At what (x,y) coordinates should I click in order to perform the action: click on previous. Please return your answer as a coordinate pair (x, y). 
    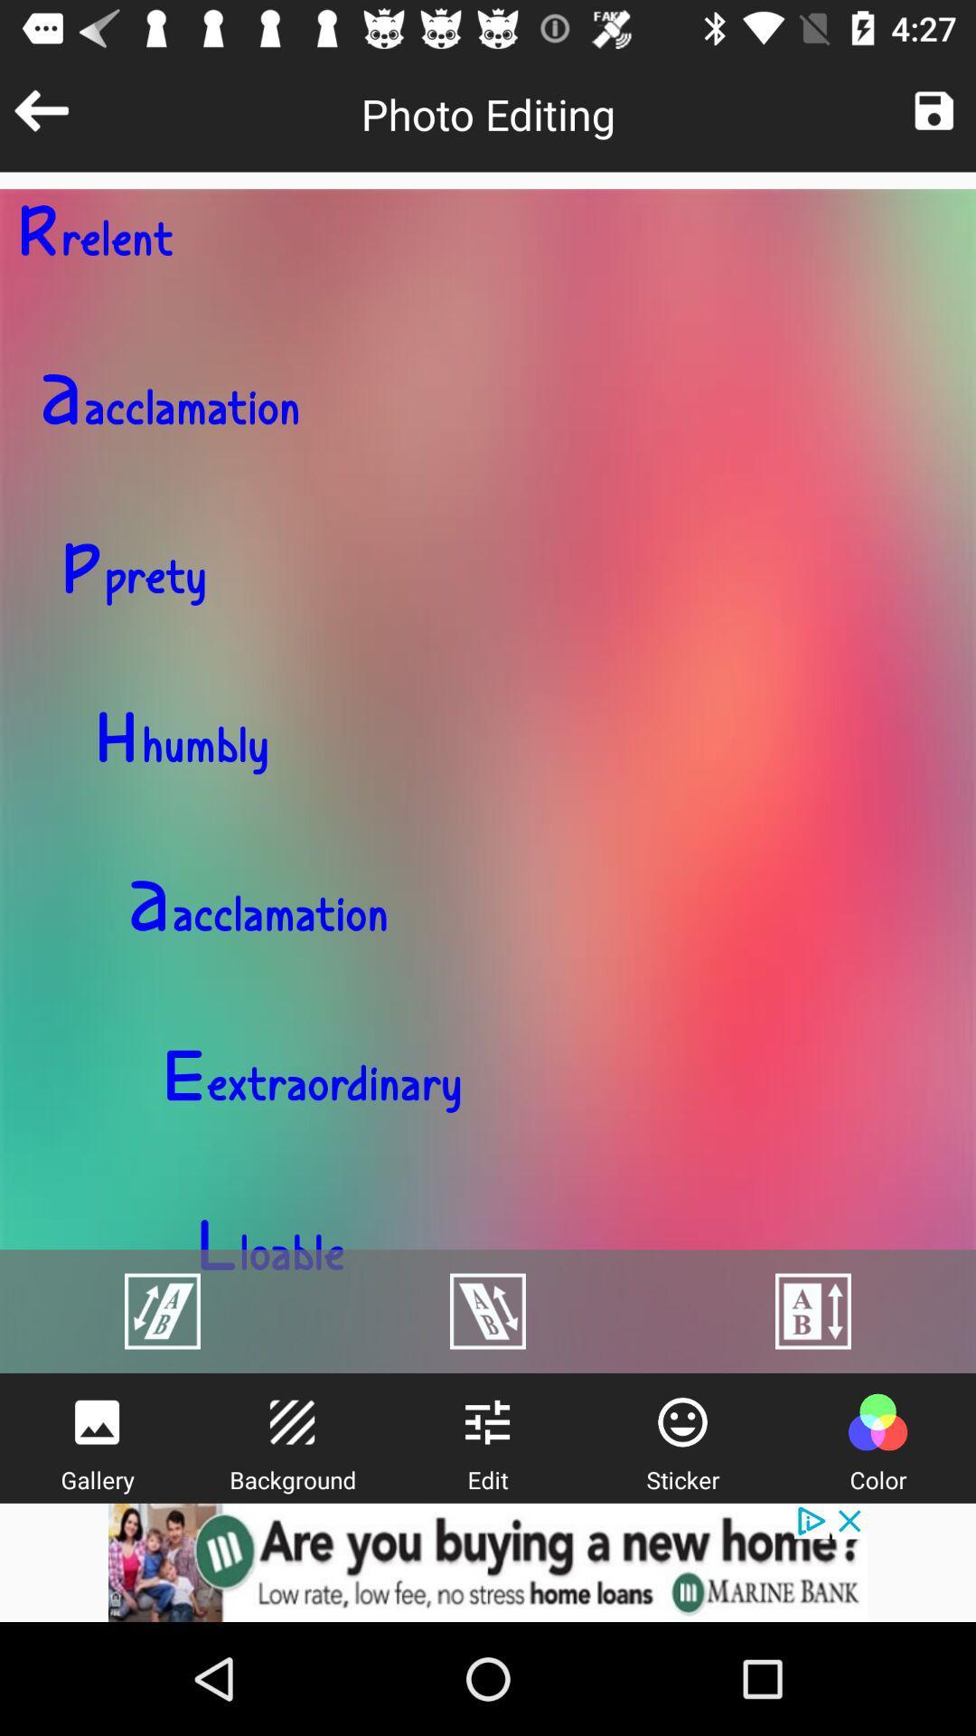
    Looking at the image, I should click on (41, 109).